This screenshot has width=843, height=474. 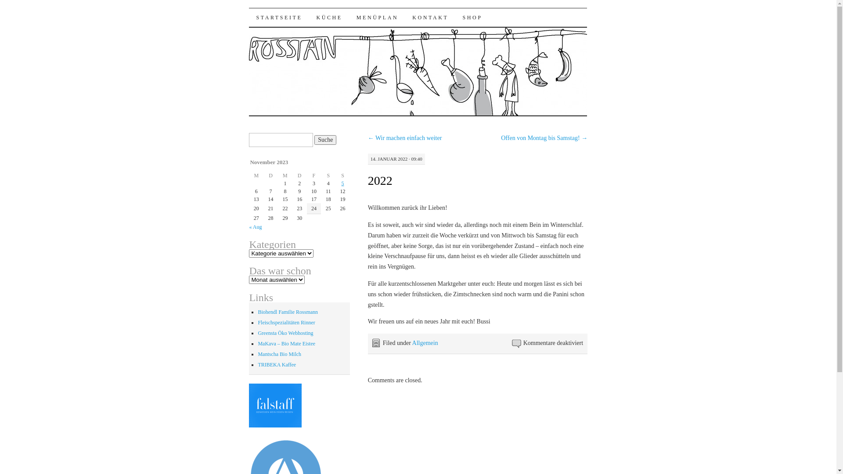 What do you see at coordinates (296, 17) in the screenshot?
I see `'SKIP TO CONTENT'` at bounding box center [296, 17].